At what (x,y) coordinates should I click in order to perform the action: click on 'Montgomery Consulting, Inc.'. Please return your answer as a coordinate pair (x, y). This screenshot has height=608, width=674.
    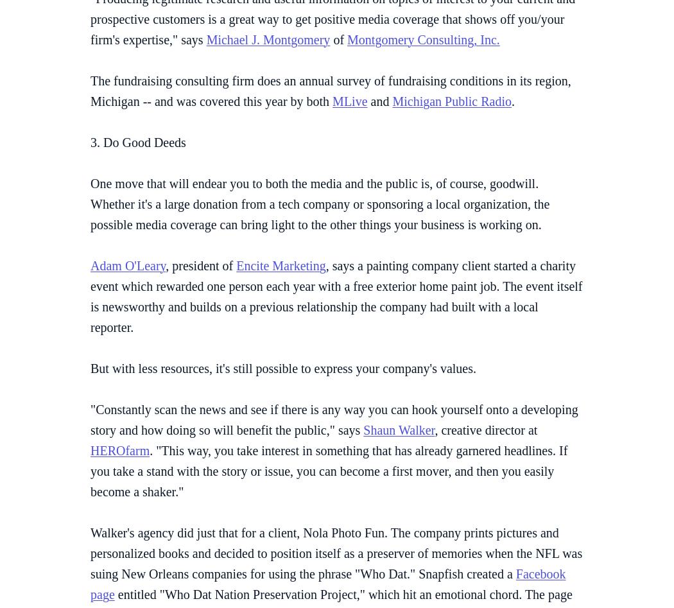
    Looking at the image, I should click on (347, 39).